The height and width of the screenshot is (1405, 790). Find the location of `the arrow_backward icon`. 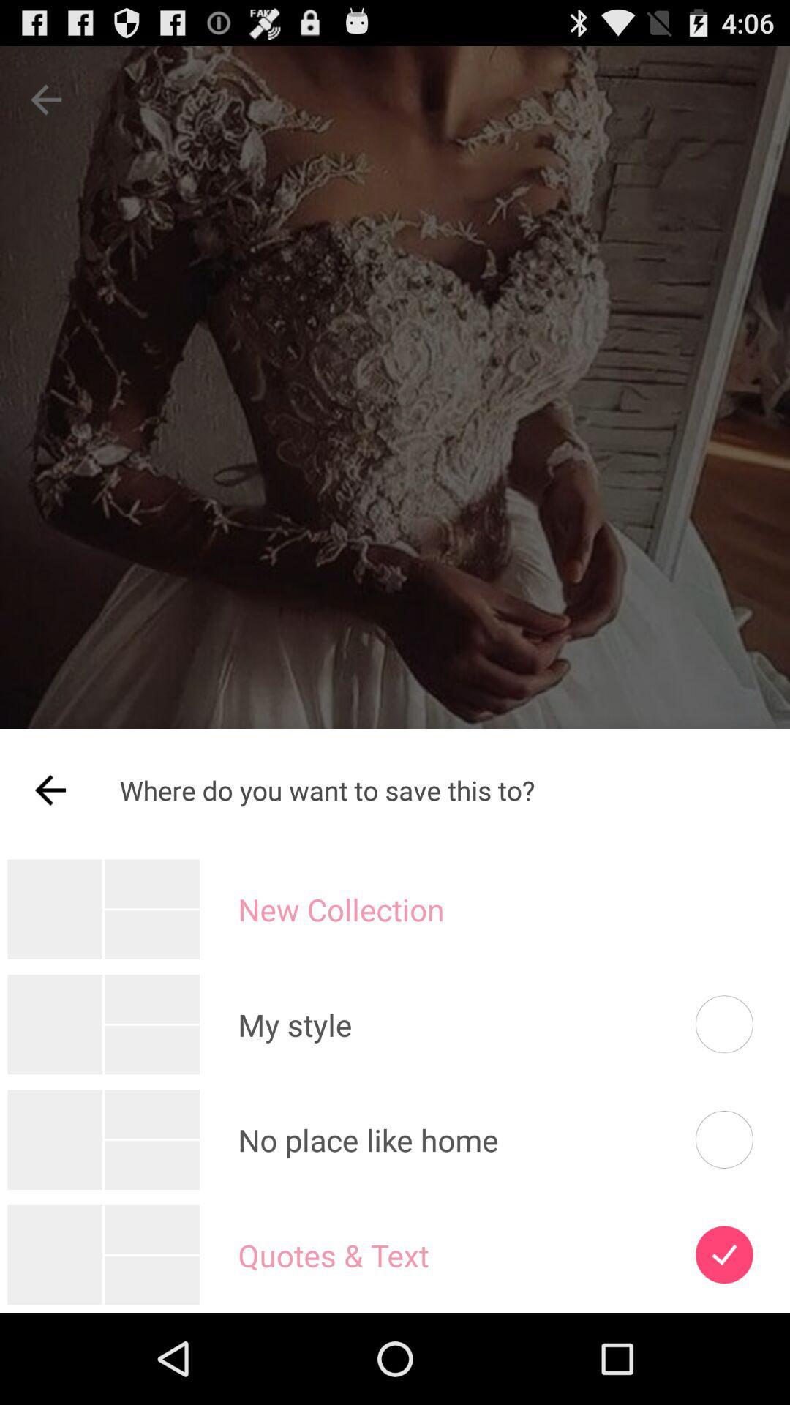

the arrow_backward icon is located at coordinates (50, 845).